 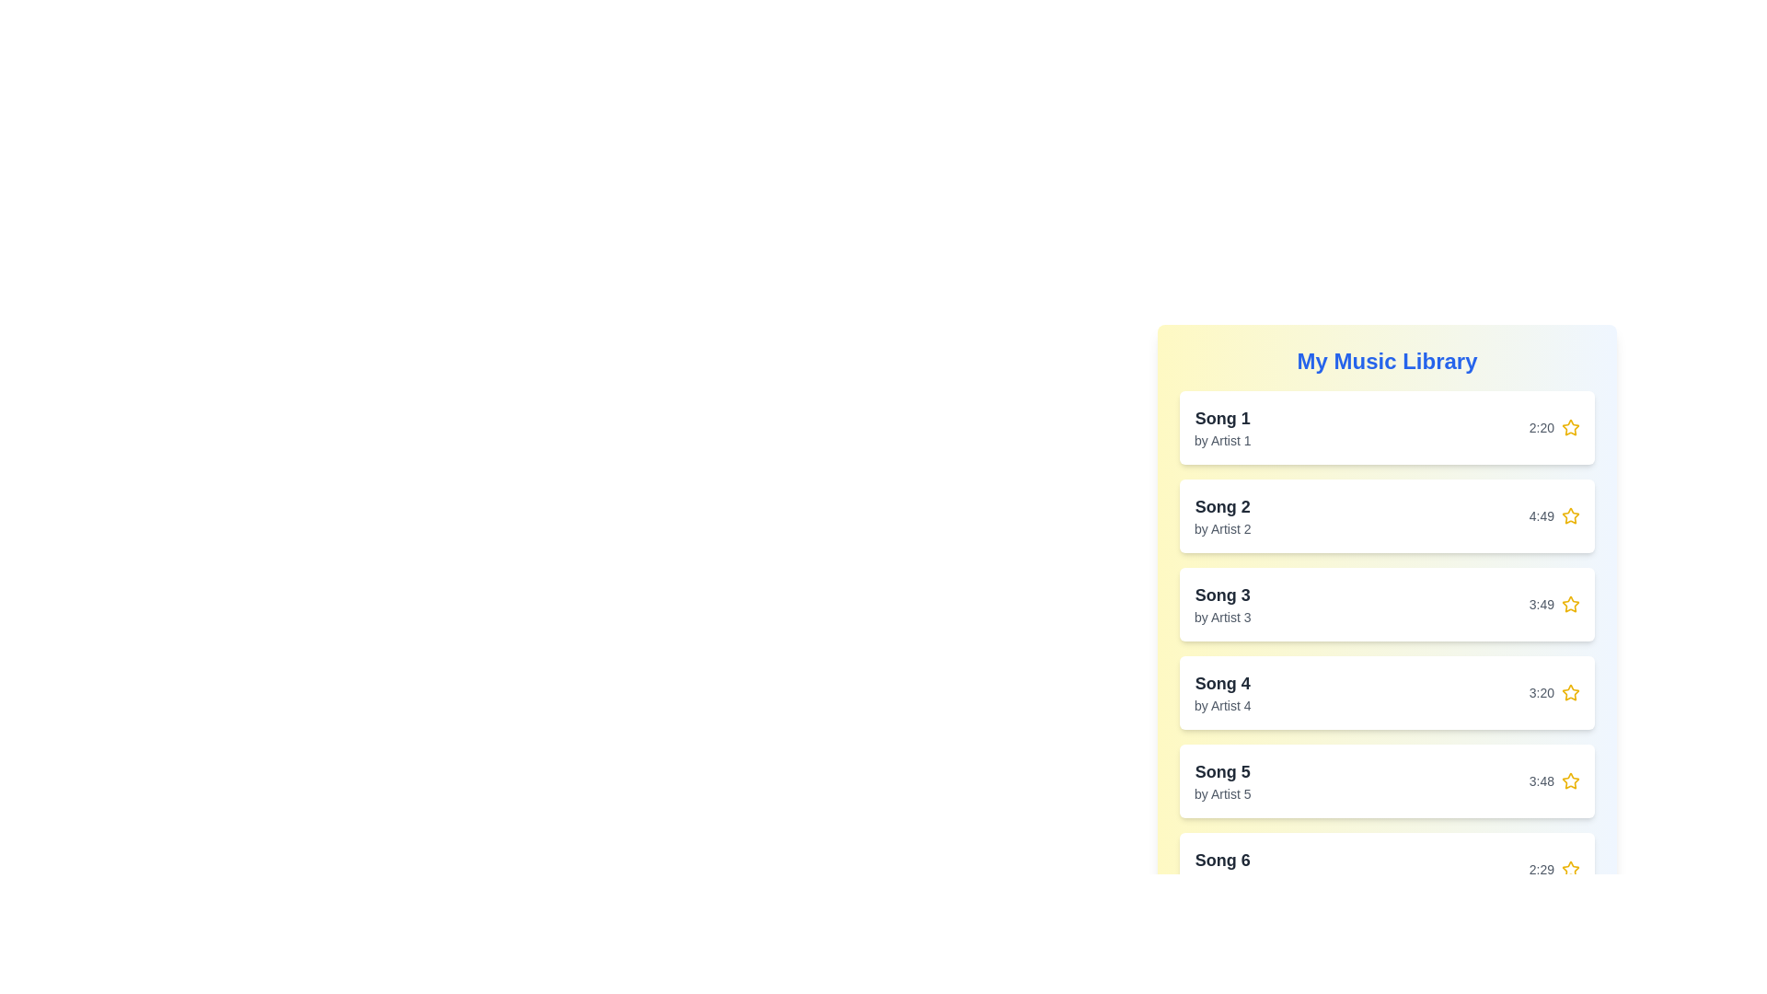 What do you see at coordinates (1222, 428) in the screenshot?
I see `the text label displaying 'Song 1' in bold with subtitle 'by Artist 1', located at the topmost row of a vertical list within a card layout` at bounding box center [1222, 428].